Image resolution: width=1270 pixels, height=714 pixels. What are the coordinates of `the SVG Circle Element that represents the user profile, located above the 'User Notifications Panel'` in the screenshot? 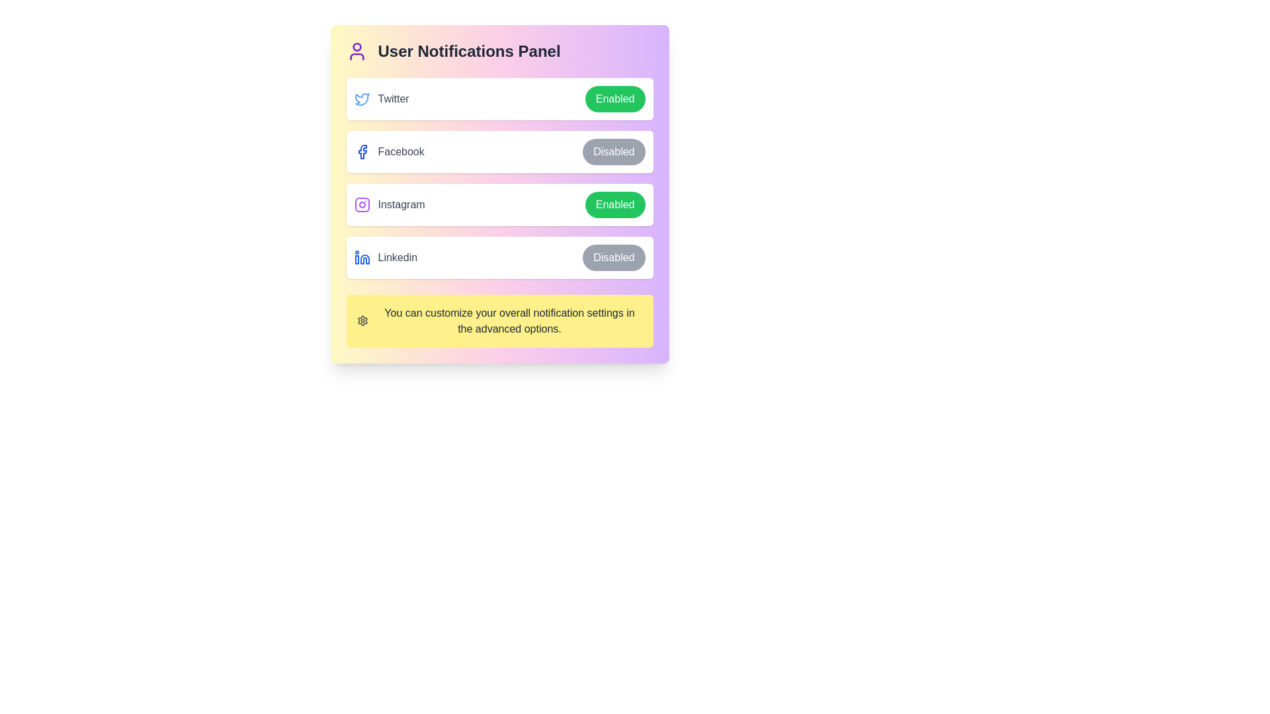 It's located at (357, 46).